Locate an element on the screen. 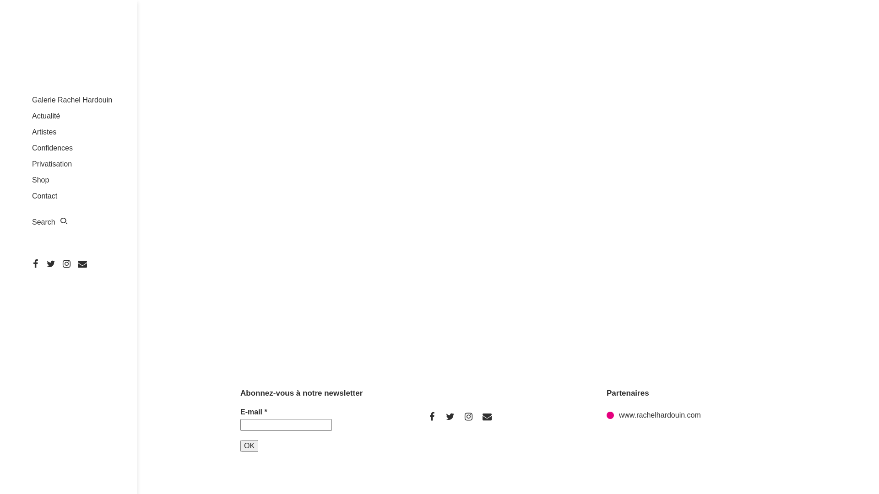 Image resolution: width=879 pixels, height=494 pixels. 'Privatisation' is located at coordinates (51, 163).